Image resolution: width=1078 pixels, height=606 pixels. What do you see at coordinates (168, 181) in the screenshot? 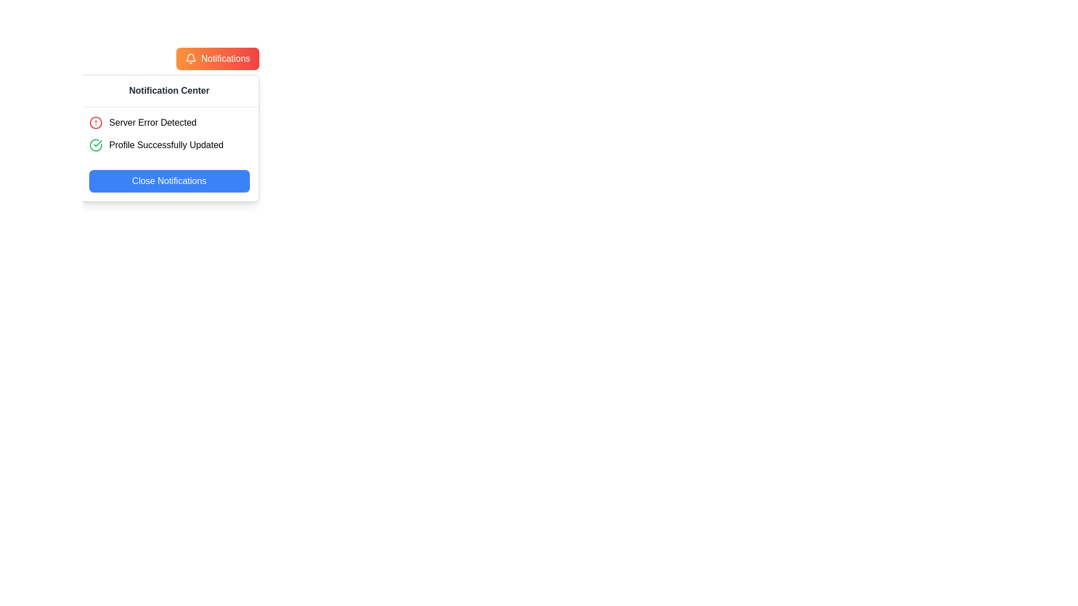
I see `the blue rectangular button with rounded corners labeled 'Close Notifications'` at bounding box center [168, 181].